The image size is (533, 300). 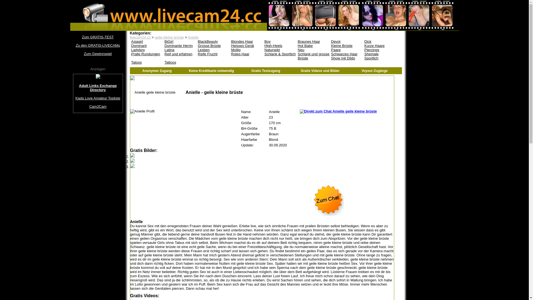 I want to click on 'Dominant', so click(x=129, y=45).